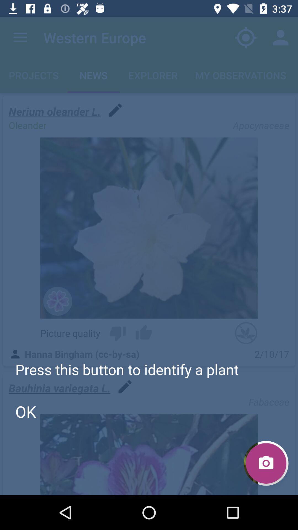 This screenshot has width=298, height=530. I want to click on the icon above the 2/10/17 icon, so click(246, 333).